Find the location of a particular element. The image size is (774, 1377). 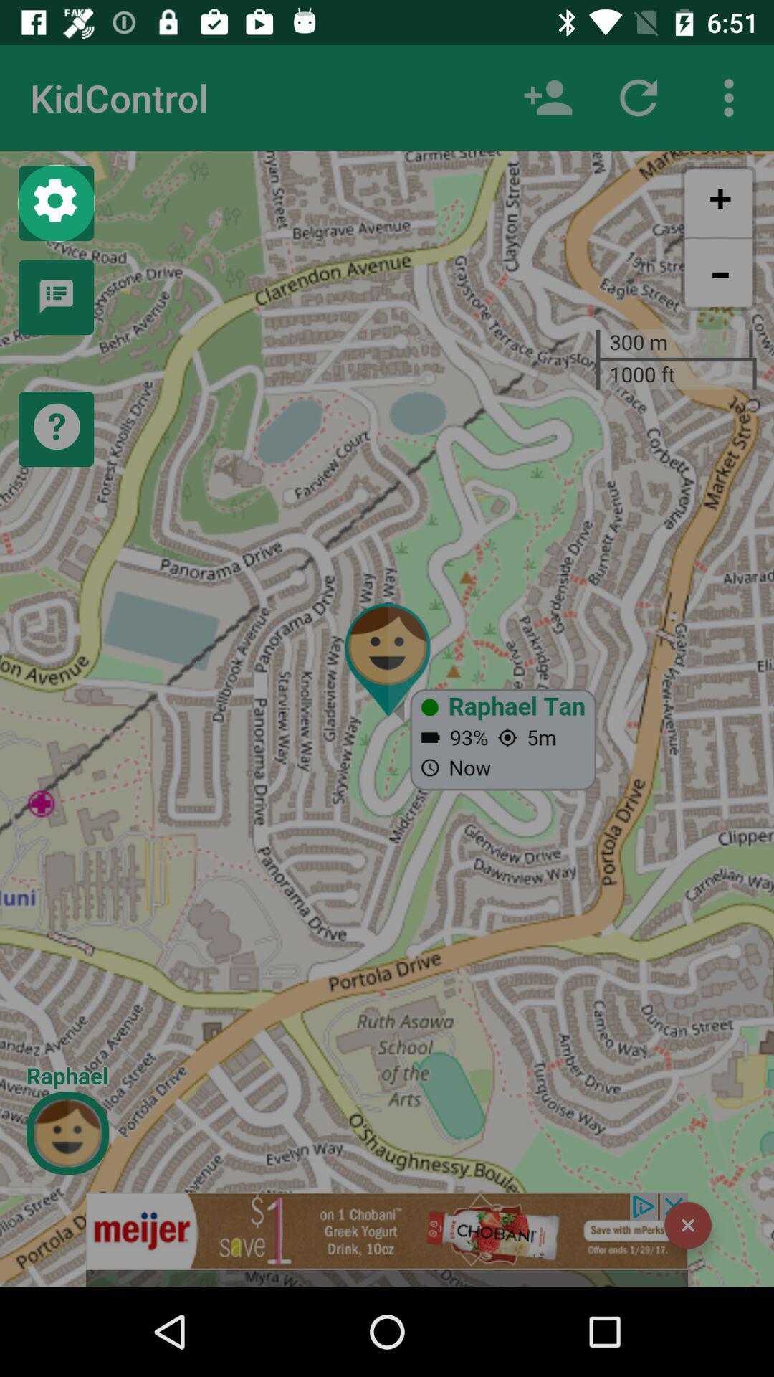

item below kidcontrol item is located at coordinates (55, 202).